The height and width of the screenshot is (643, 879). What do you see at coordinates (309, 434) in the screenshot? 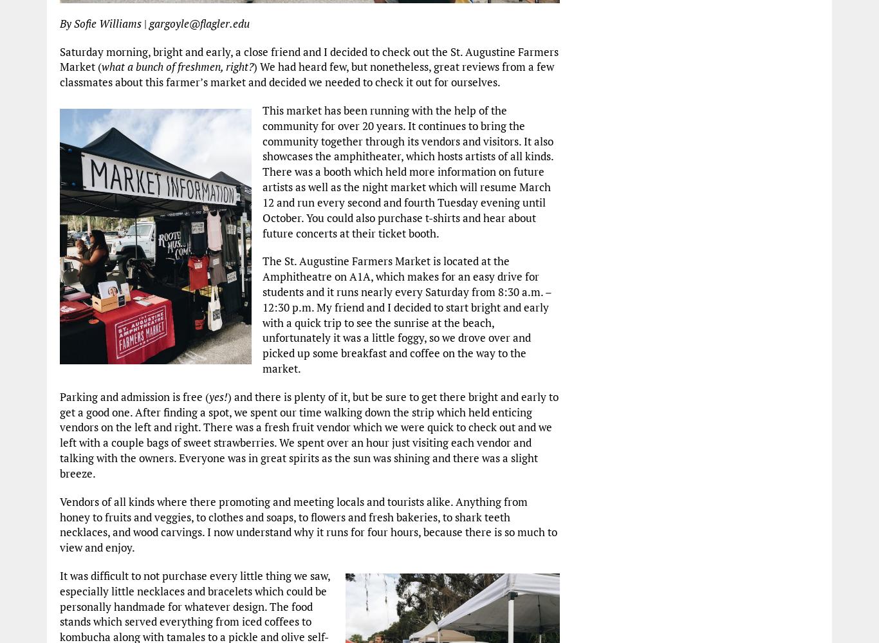
I see `') and there is plenty of it, but be sure to get there bright and early to get a good one. After finding a spot, we spent our time walking down the strip which held enticing vendors on the left and right. There was a fresh fruit vendor which we were quick to check out and we left with a couple bags of sweet strawberries. We spent over an hour just visiting each vendor and talking with the owners. Everyone was in great spirits as the sun was shining and there was a slight breeze.'` at bounding box center [309, 434].